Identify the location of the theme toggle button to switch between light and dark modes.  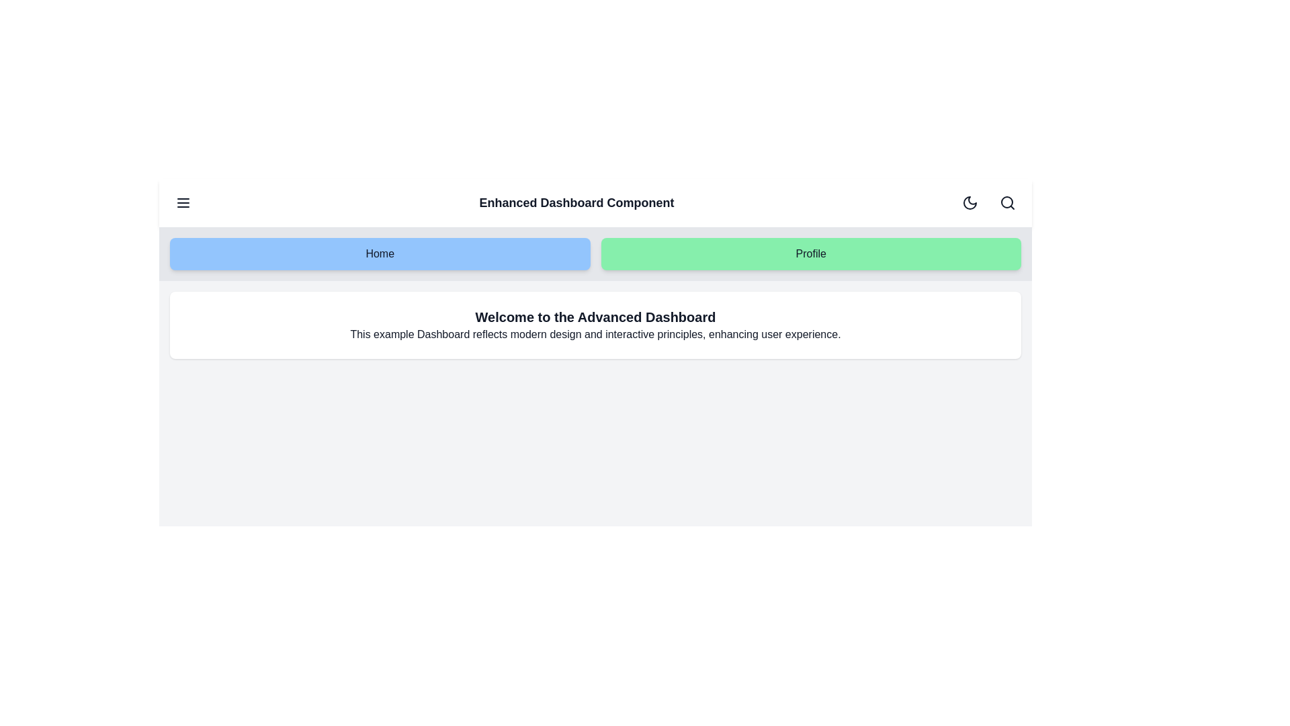
(970, 202).